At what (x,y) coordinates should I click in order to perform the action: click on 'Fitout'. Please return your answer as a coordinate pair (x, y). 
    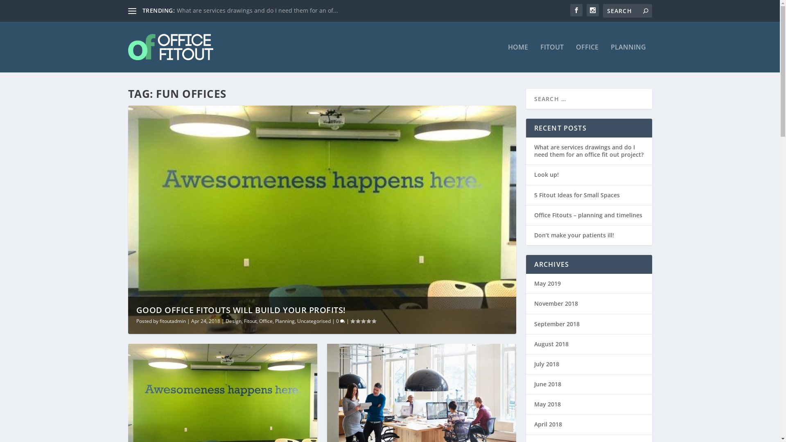
    Looking at the image, I should click on (250, 320).